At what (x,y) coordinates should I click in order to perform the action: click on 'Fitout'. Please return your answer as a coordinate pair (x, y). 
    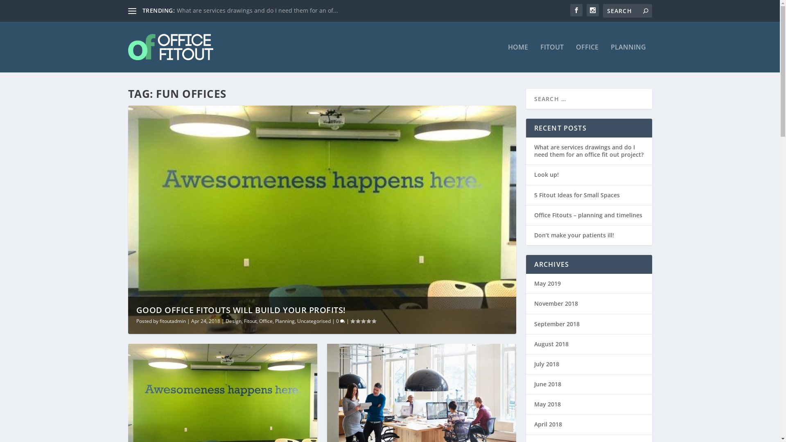
    Looking at the image, I should click on (250, 320).